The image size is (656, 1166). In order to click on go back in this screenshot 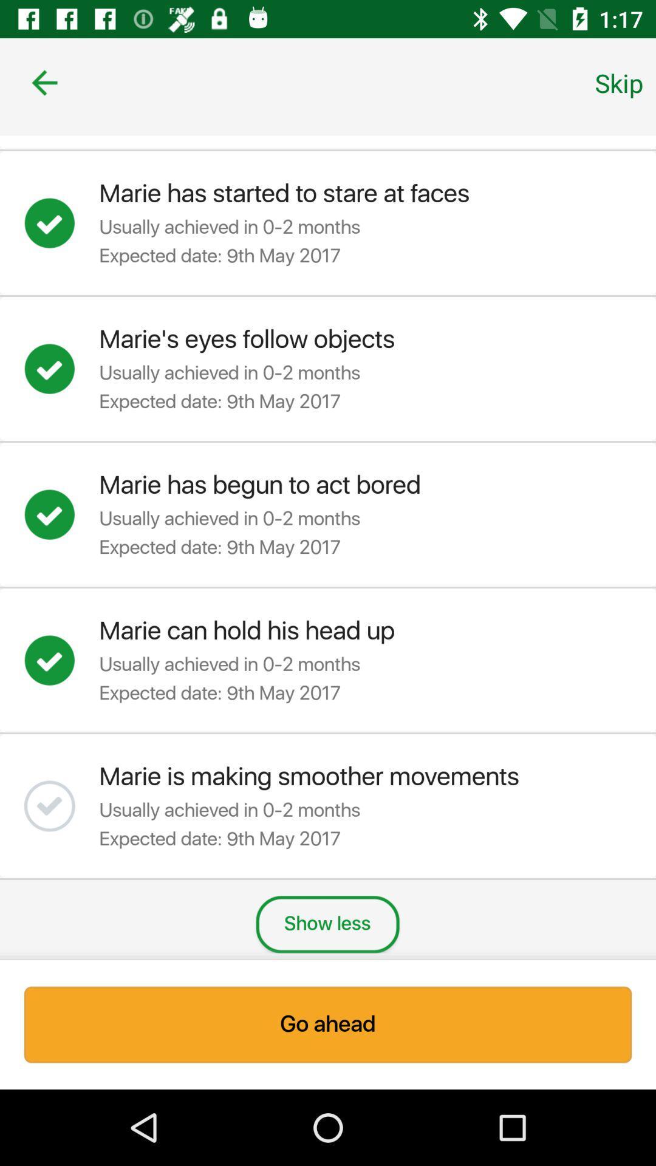, I will do `click(44, 82)`.